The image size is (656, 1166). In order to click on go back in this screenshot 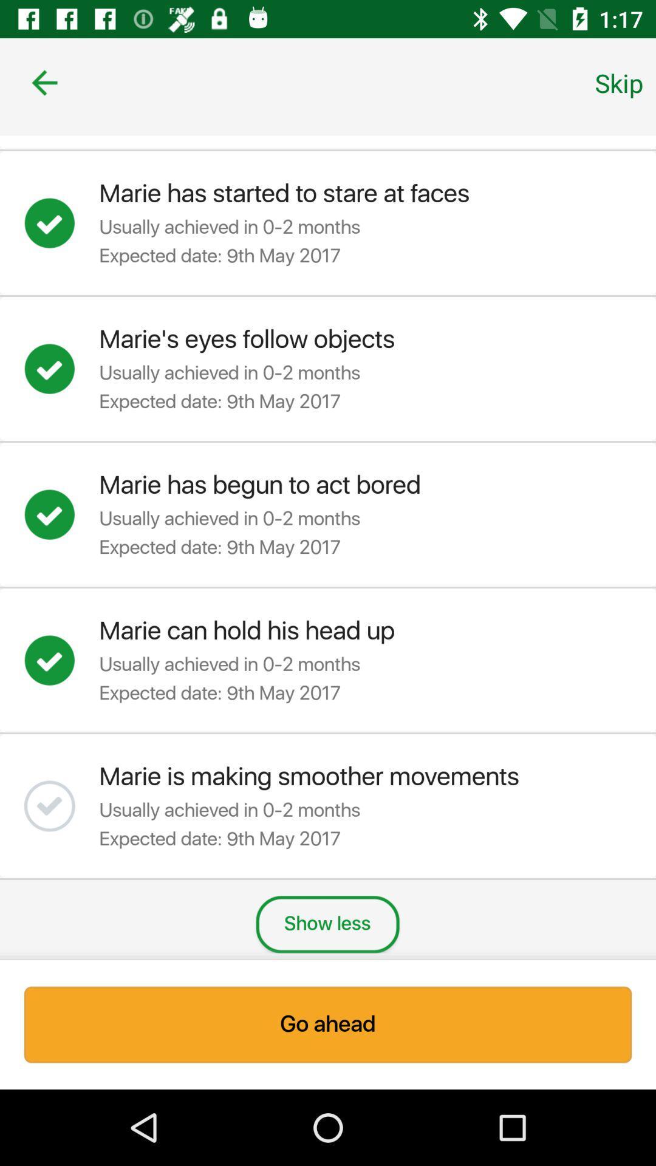, I will do `click(44, 82)`.